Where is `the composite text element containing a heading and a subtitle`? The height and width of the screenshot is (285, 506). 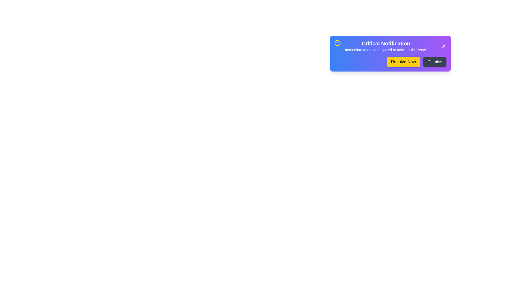 the composite text element containing a heading and a subtitle is located at coordinates (386, 46).